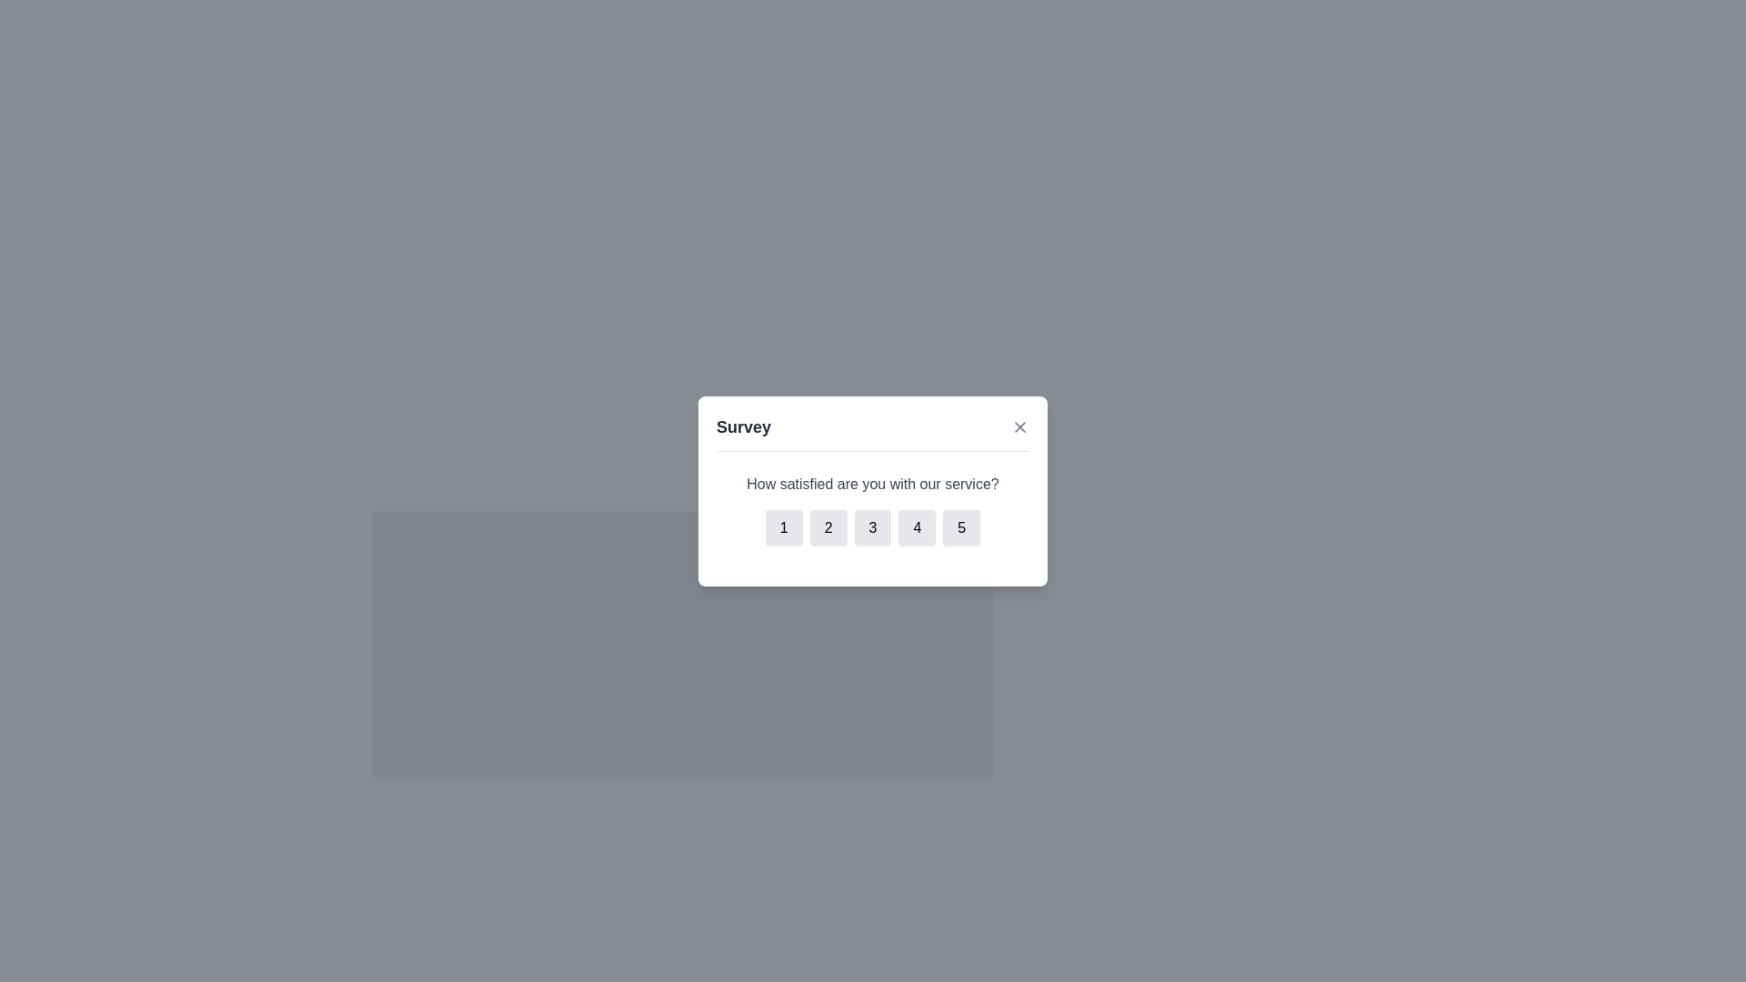 The width and height of the screenshot is (1746, 982). I want to click on the rating button labeled '3' in the horizontally arranged series of buttons under the question 'How satisfied are you with our service?', so click(873, 526).